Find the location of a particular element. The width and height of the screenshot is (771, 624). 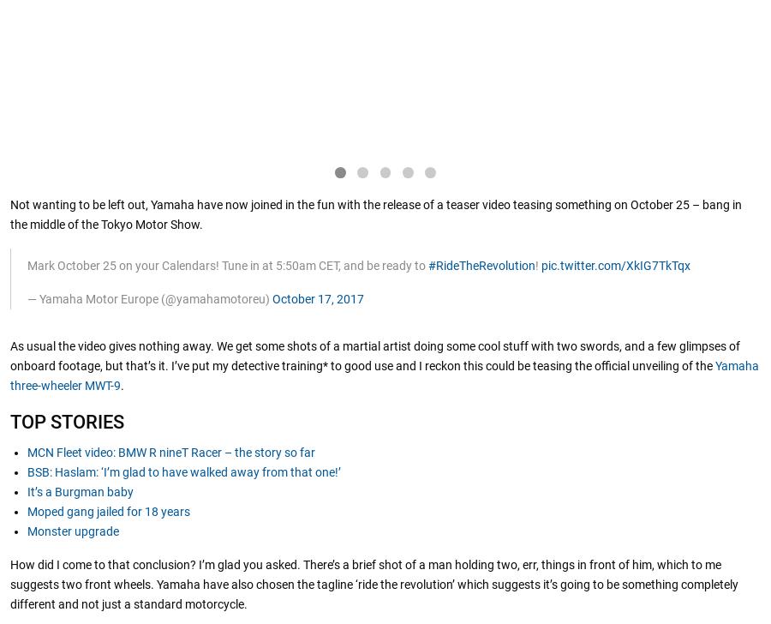

'TOP STORIES' is located at coordinates (66, 422).